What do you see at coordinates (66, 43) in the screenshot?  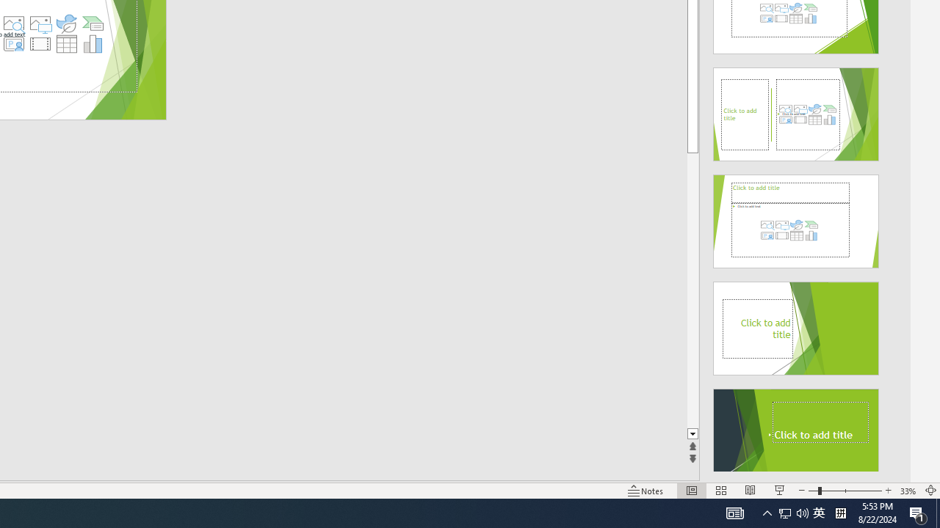 I see `'Insert Table'` at bounding box center [66, 43].